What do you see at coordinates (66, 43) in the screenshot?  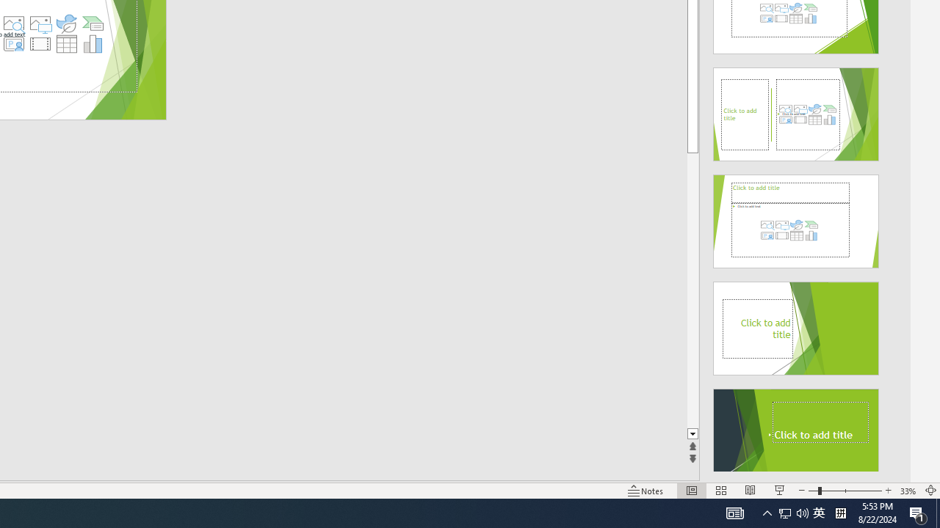 I see `'Insert Table'` at bounding box center [66, 43].